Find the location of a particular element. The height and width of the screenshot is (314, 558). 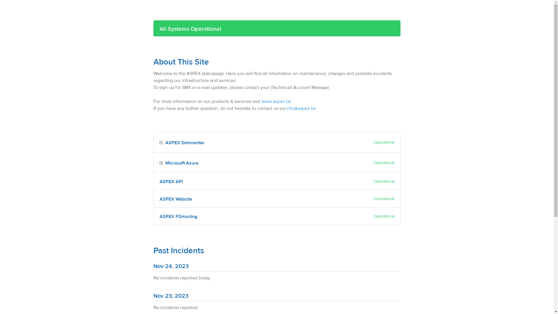

'About This Site' is located at coordinates (181, 62).